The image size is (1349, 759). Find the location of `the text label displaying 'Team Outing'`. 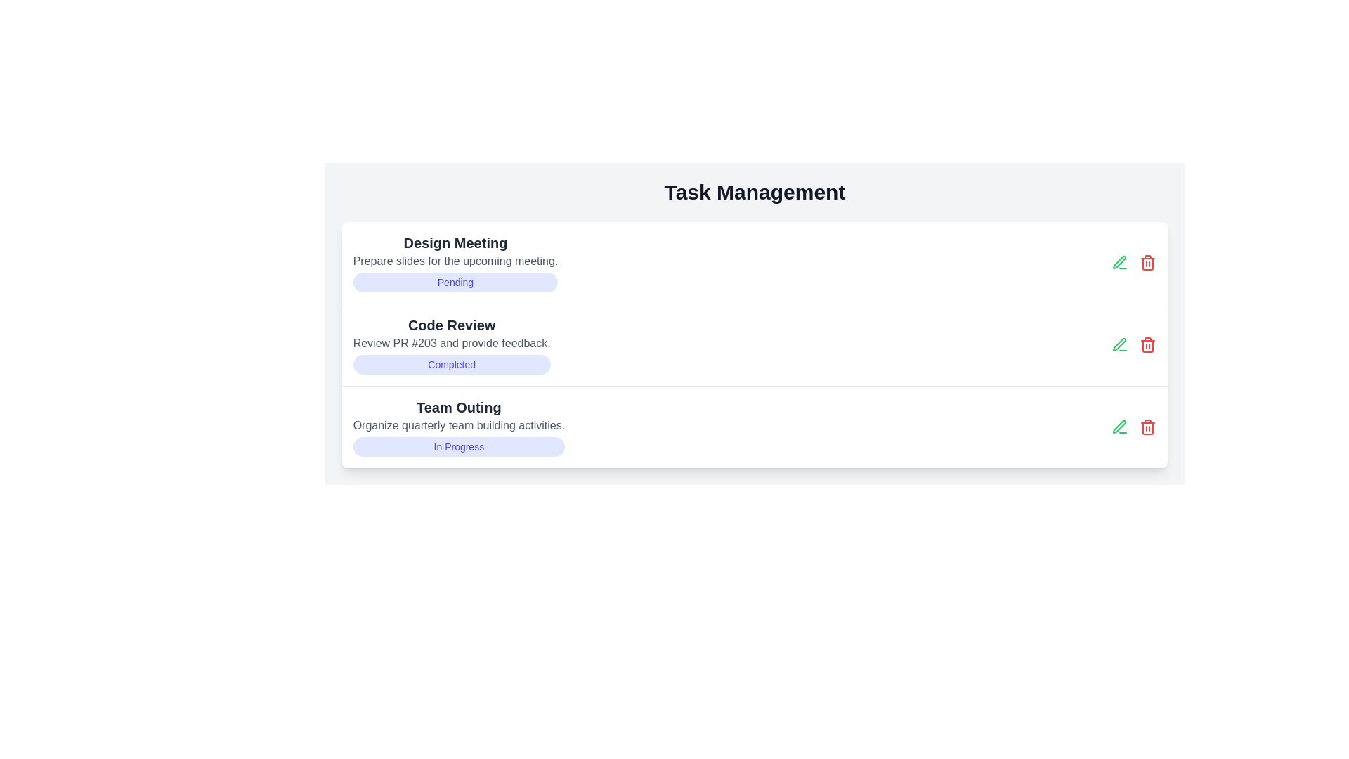

the text label displaying 'Team Outing' is located at coordinates (459, 407).